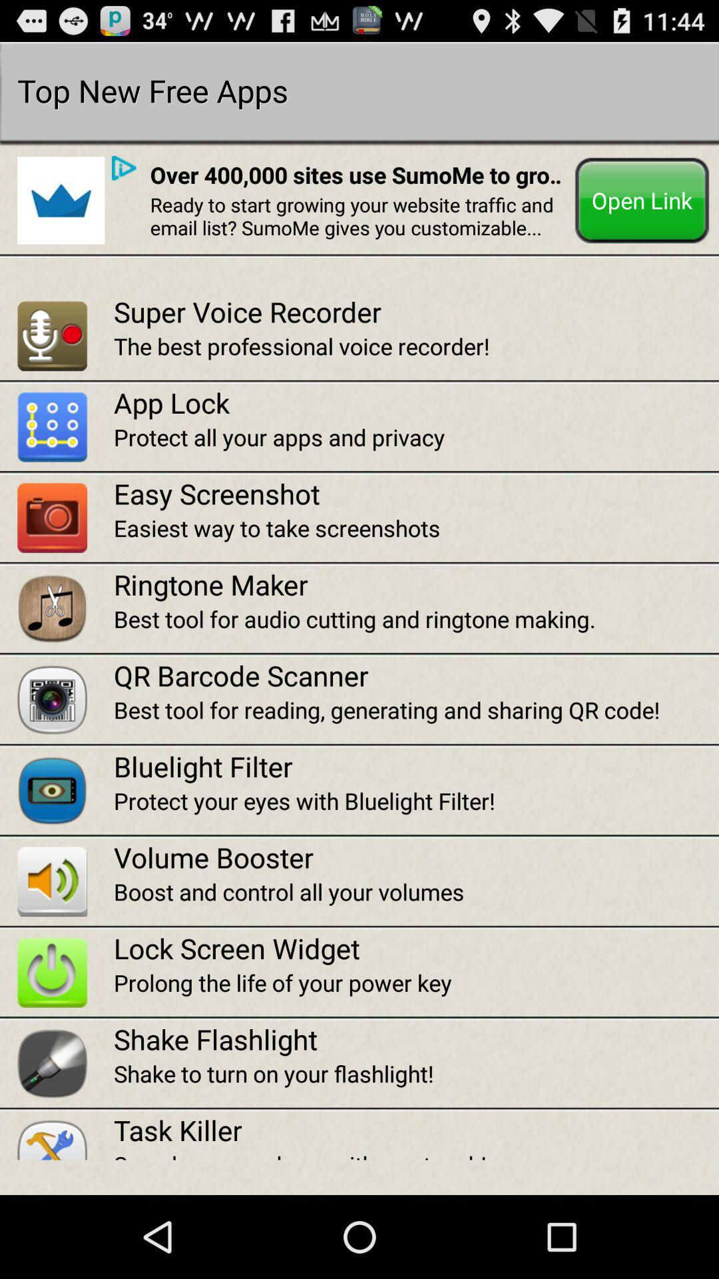  Describe the element at coordinates (415, 1073) in the screenshot. I see `the shake to turn item` at that location.